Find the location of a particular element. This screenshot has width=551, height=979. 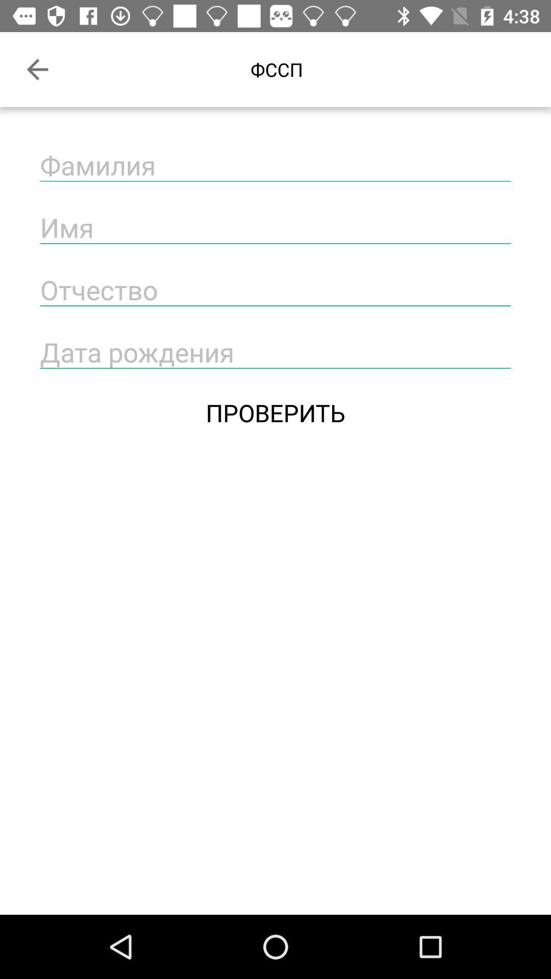

the item at the top left corner is located at coordinates (37, 69).